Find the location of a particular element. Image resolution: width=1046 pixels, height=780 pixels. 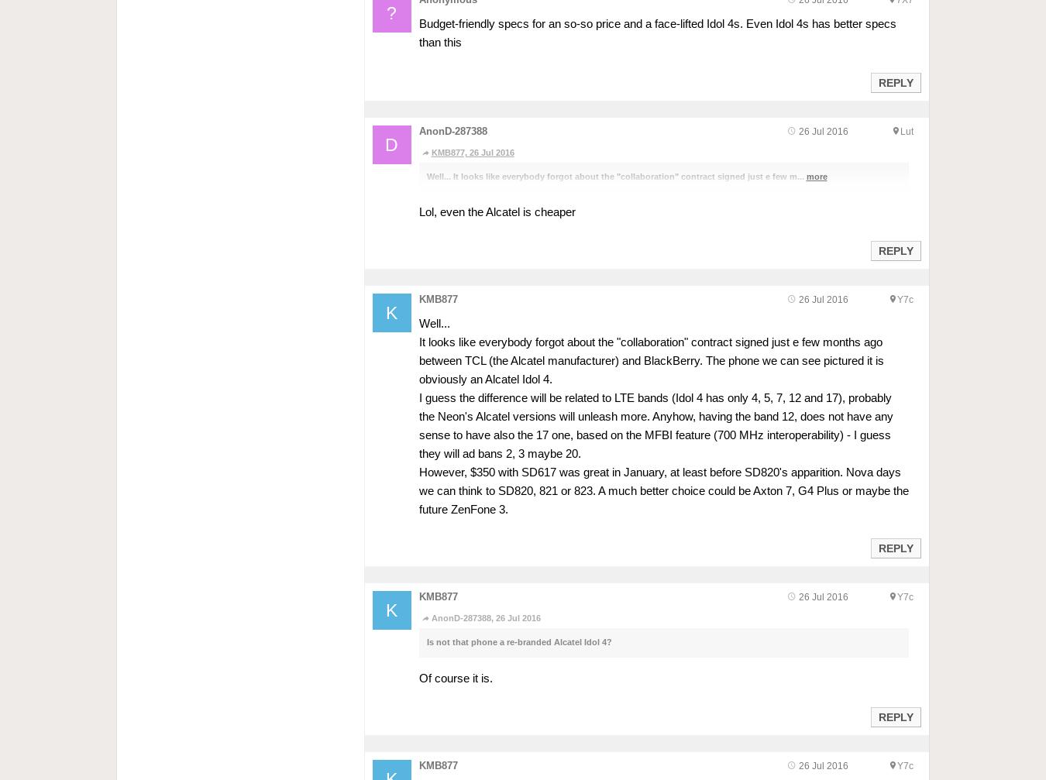

'more' is located at coordinates (816, 175).